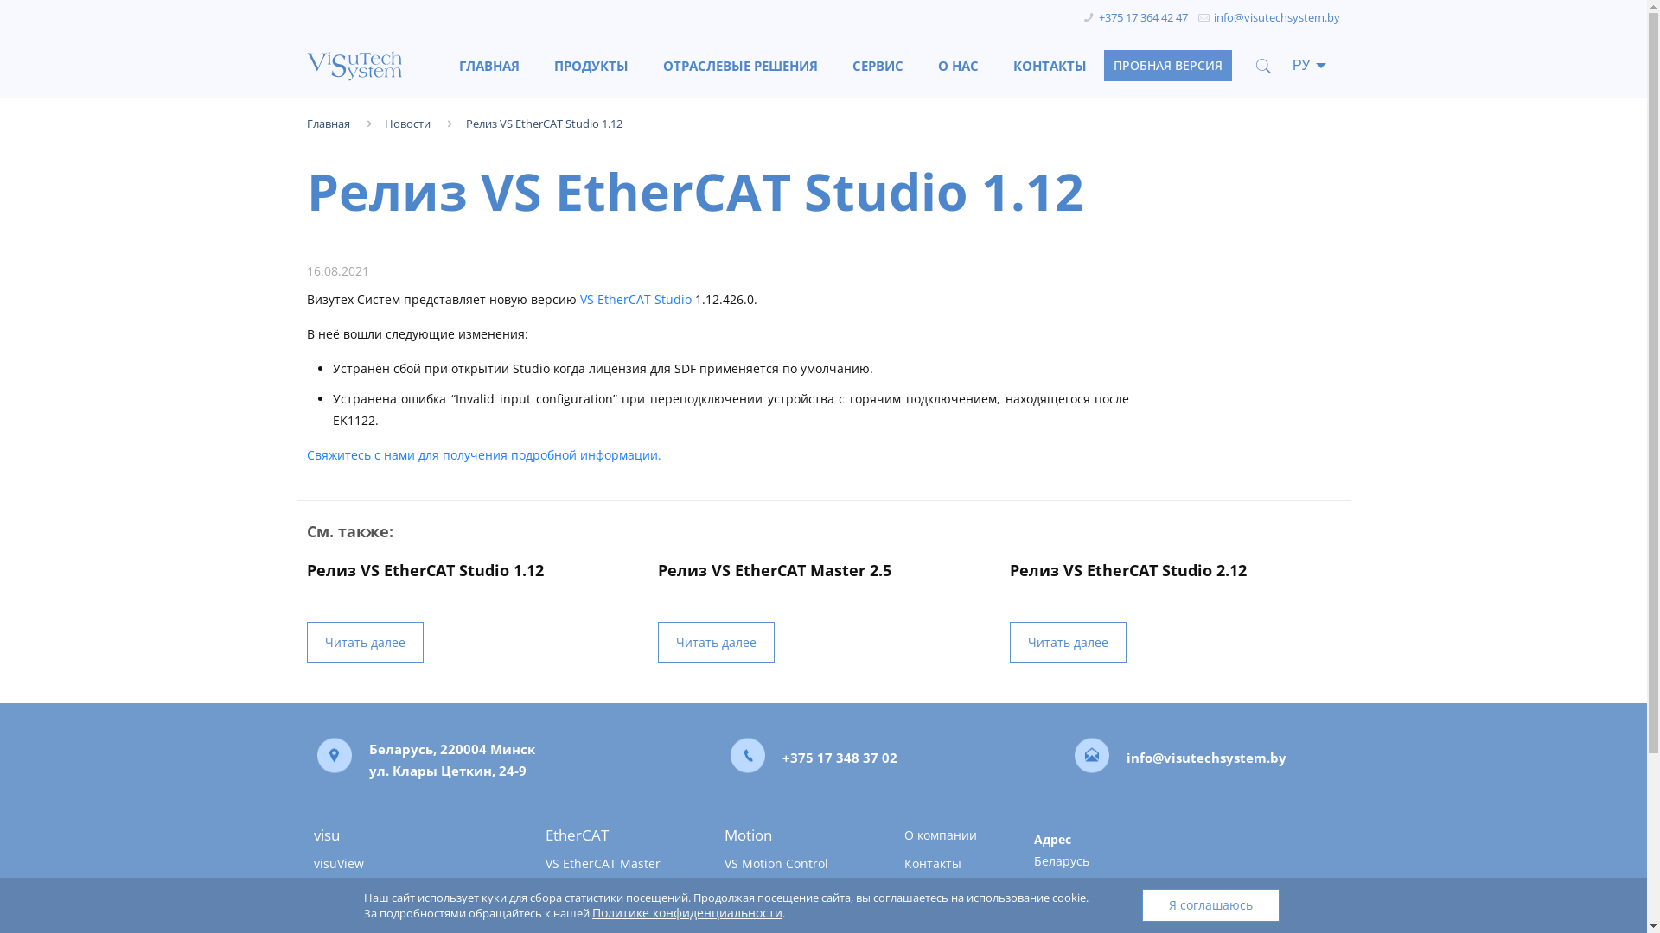 This screenshot has height=933, width=1660. I want to click on 'visuView', so click(409, 863).